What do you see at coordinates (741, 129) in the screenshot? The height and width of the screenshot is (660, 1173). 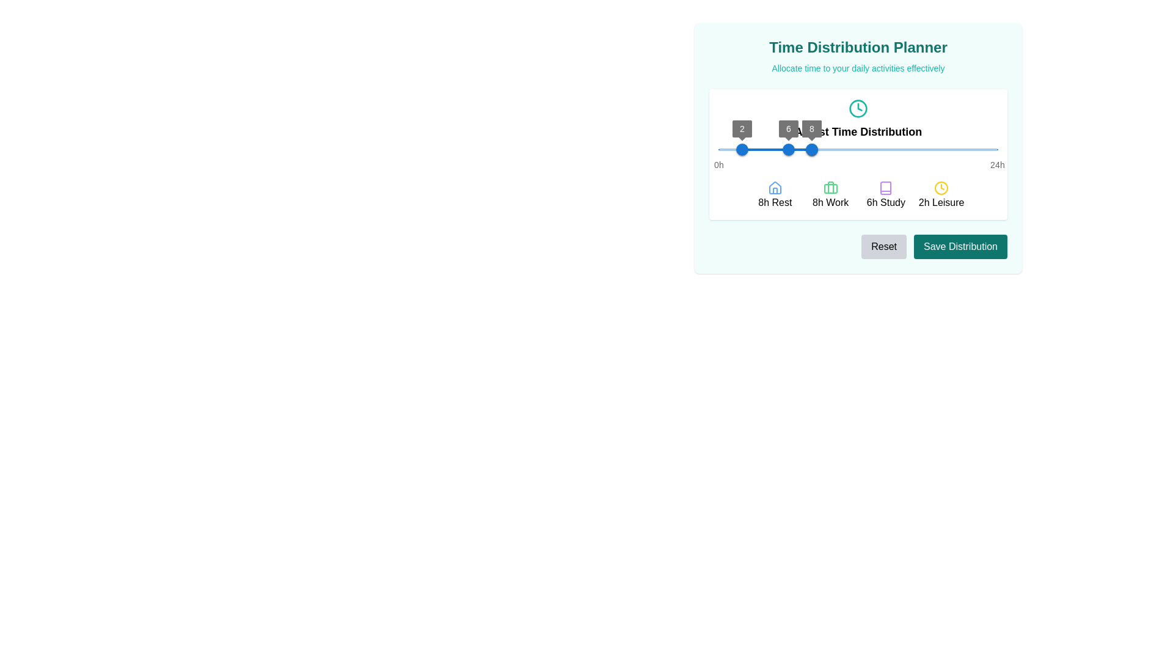 I see `the Value label on the slider component that indicates the current value '2' in the 'Time Distribution Planner' interface, positioned above the first slider handle` at bounding box center [741, 129].